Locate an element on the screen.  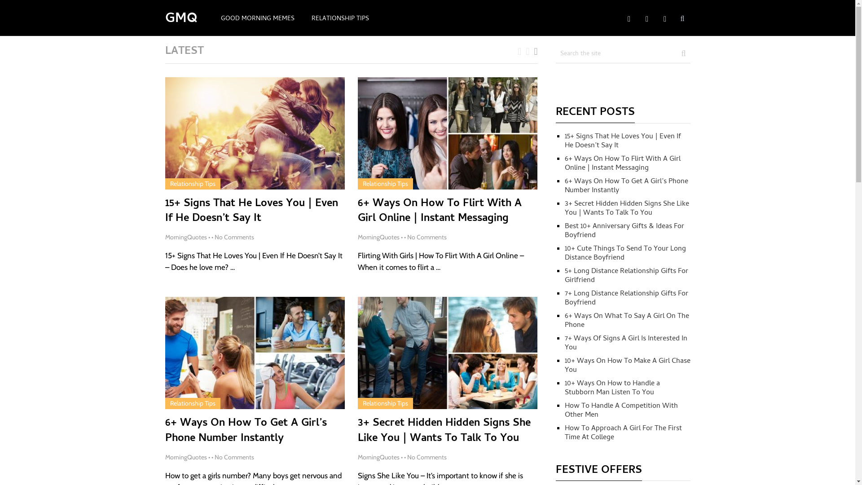
'MorningQuotes' is located at coordinates (185, 457).